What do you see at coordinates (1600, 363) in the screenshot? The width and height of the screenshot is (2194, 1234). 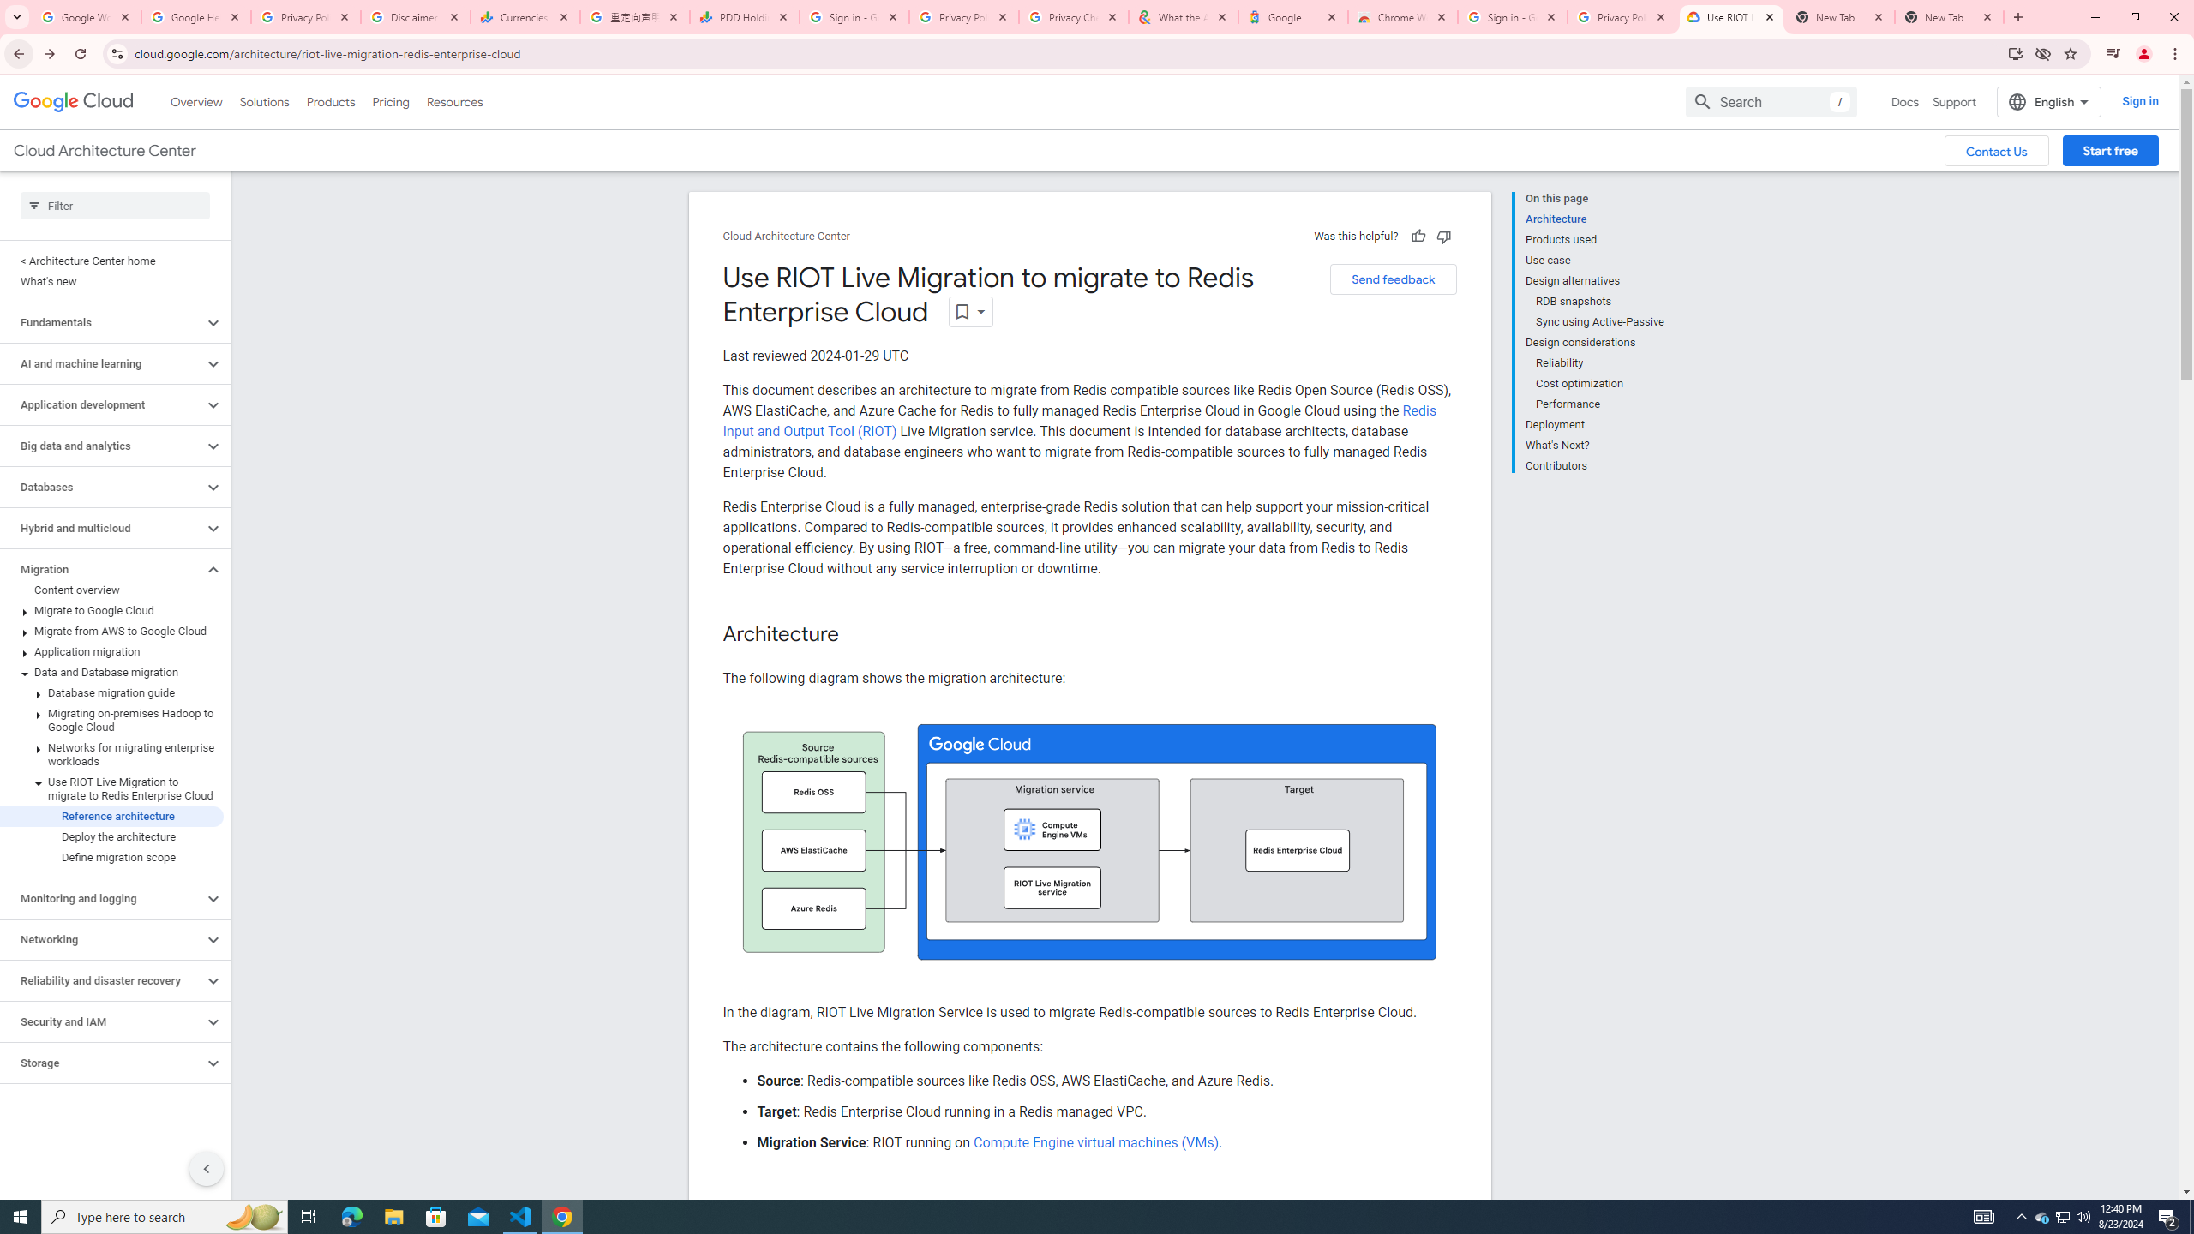 I see `'Reliability'` at bounding box center [1600, 363].